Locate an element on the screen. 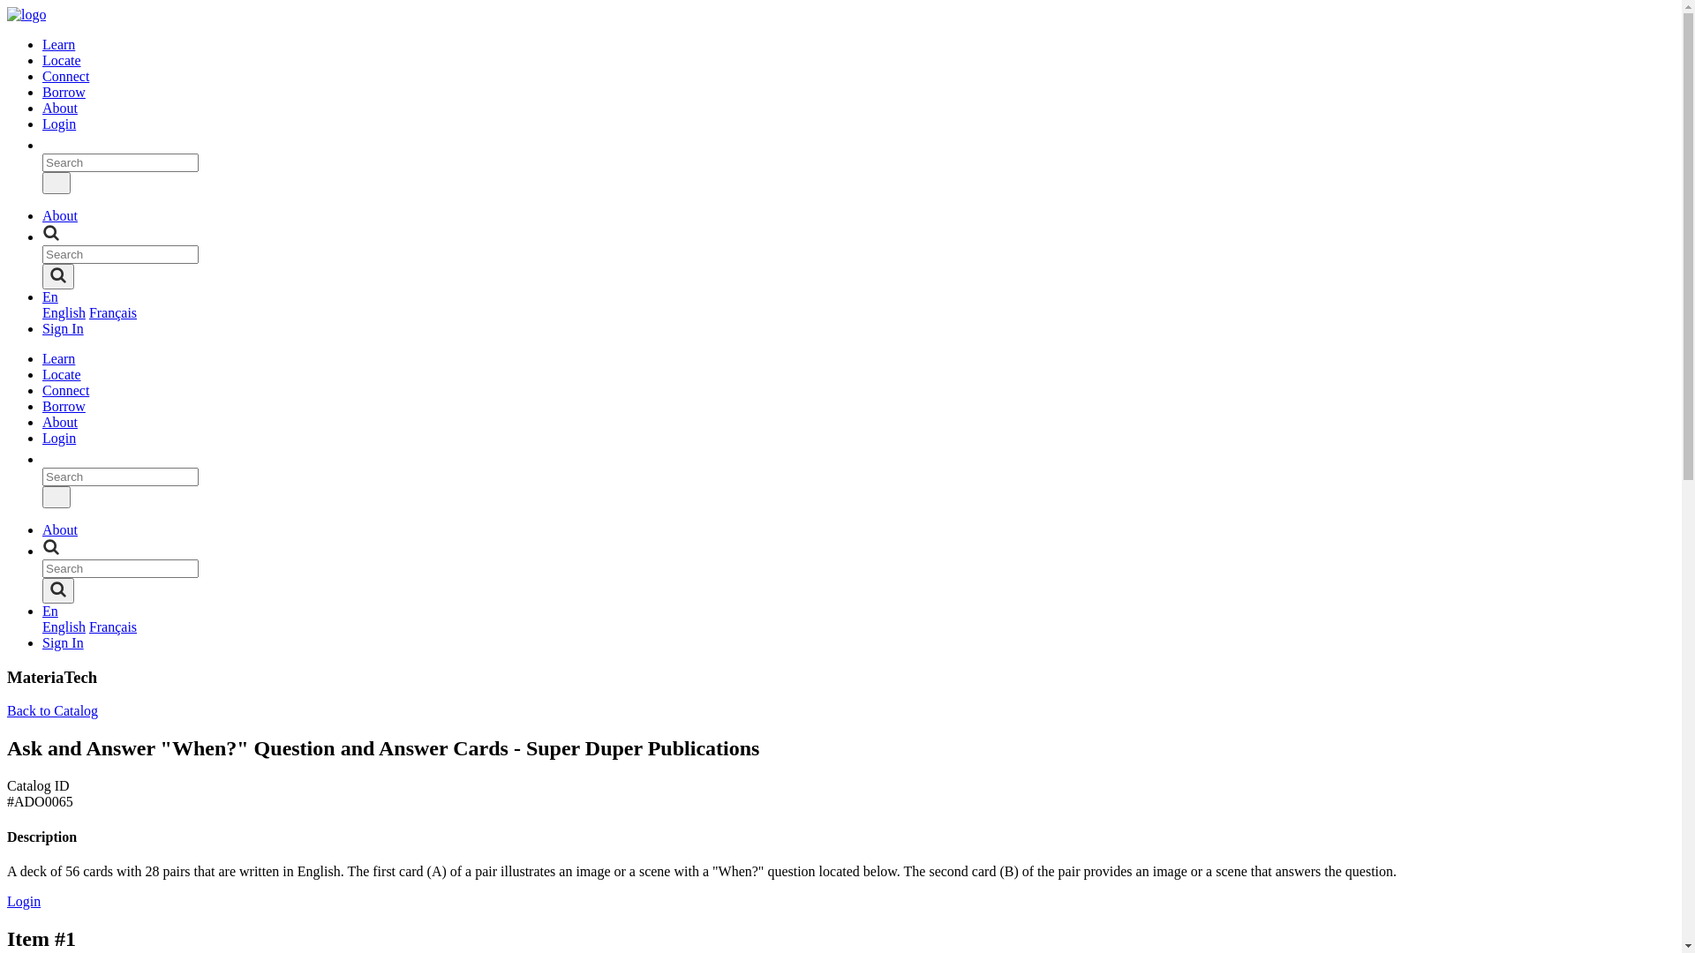 The width and height of the screenshot is (1695, 953). 'Connect' is located at coordinates (42, 389).